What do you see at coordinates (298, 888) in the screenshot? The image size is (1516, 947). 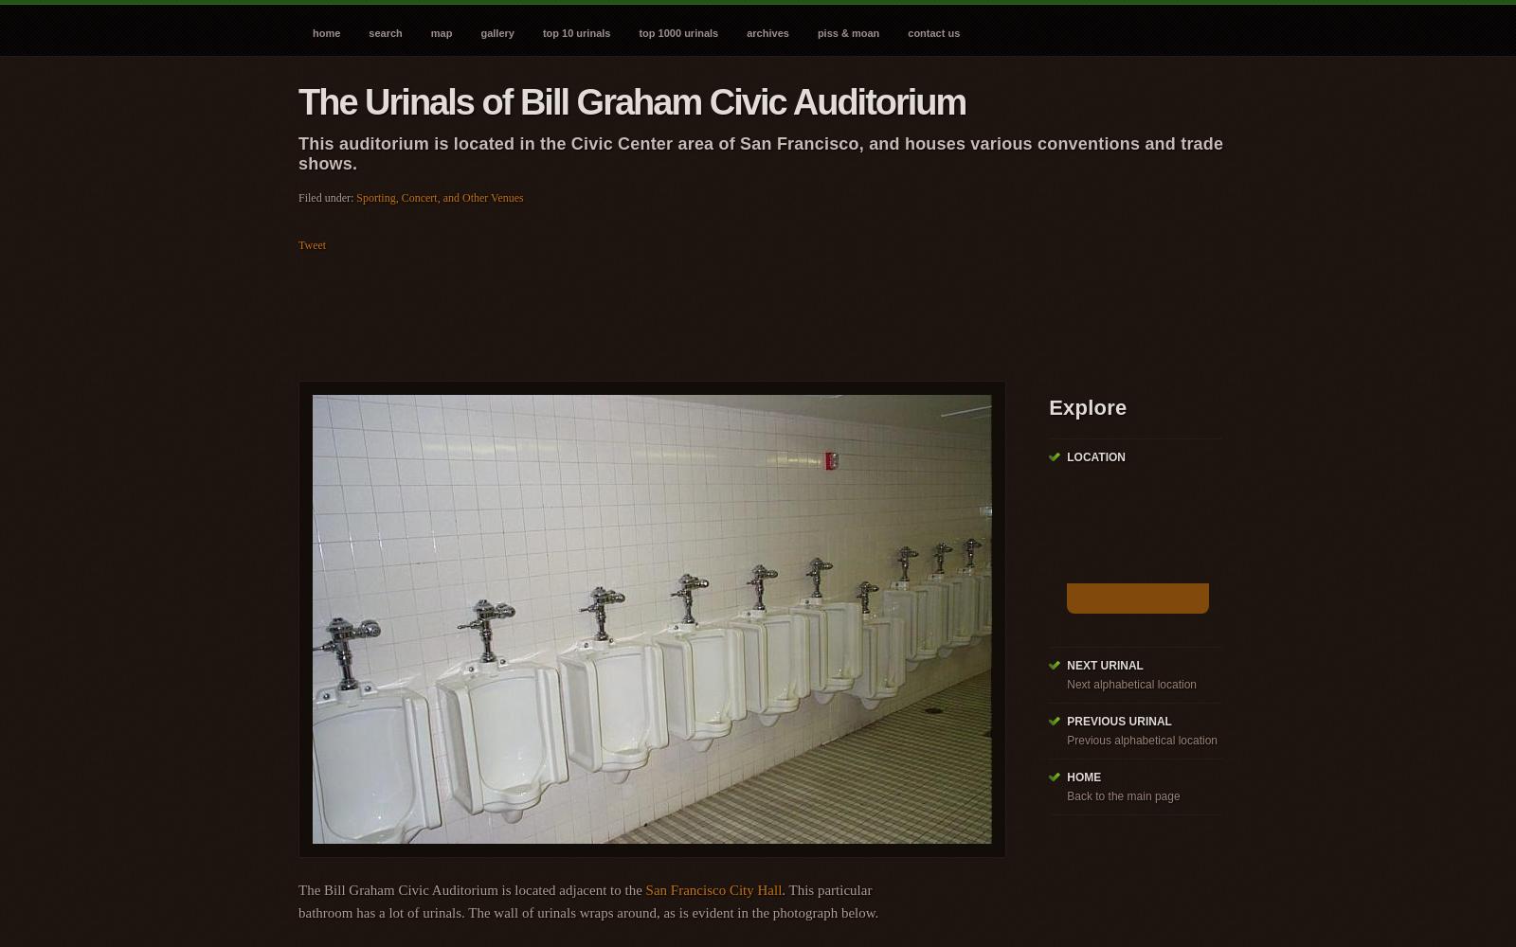 I see `'The Bill Graham Civic Auditorium is located adjacent to the'` at bounding box center [298, 888].